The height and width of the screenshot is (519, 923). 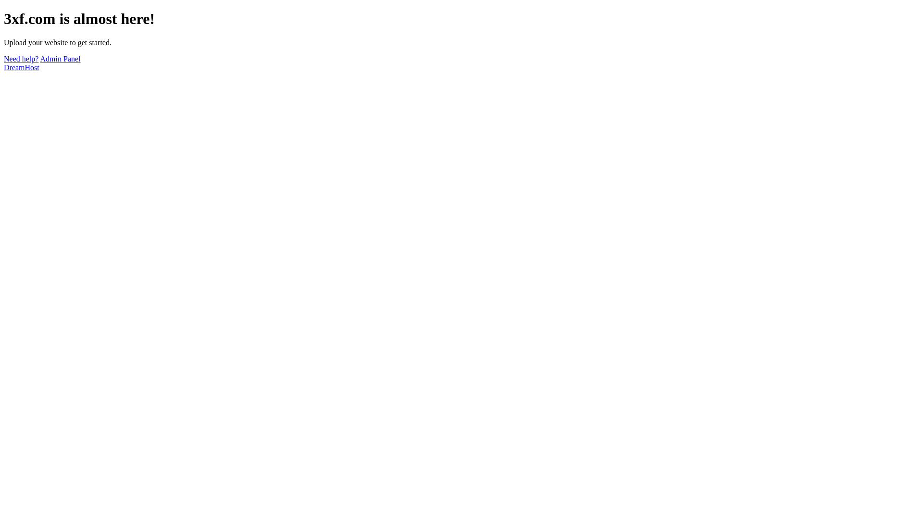 I want to click on 'Admin Panel', so click(x=39, y=59).